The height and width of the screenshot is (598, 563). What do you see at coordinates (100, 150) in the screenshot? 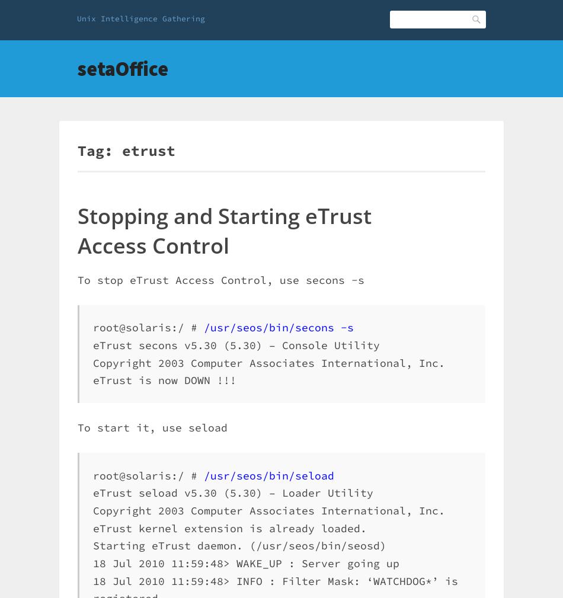
I see `'Tag:'` at bounding box center [100, 150].